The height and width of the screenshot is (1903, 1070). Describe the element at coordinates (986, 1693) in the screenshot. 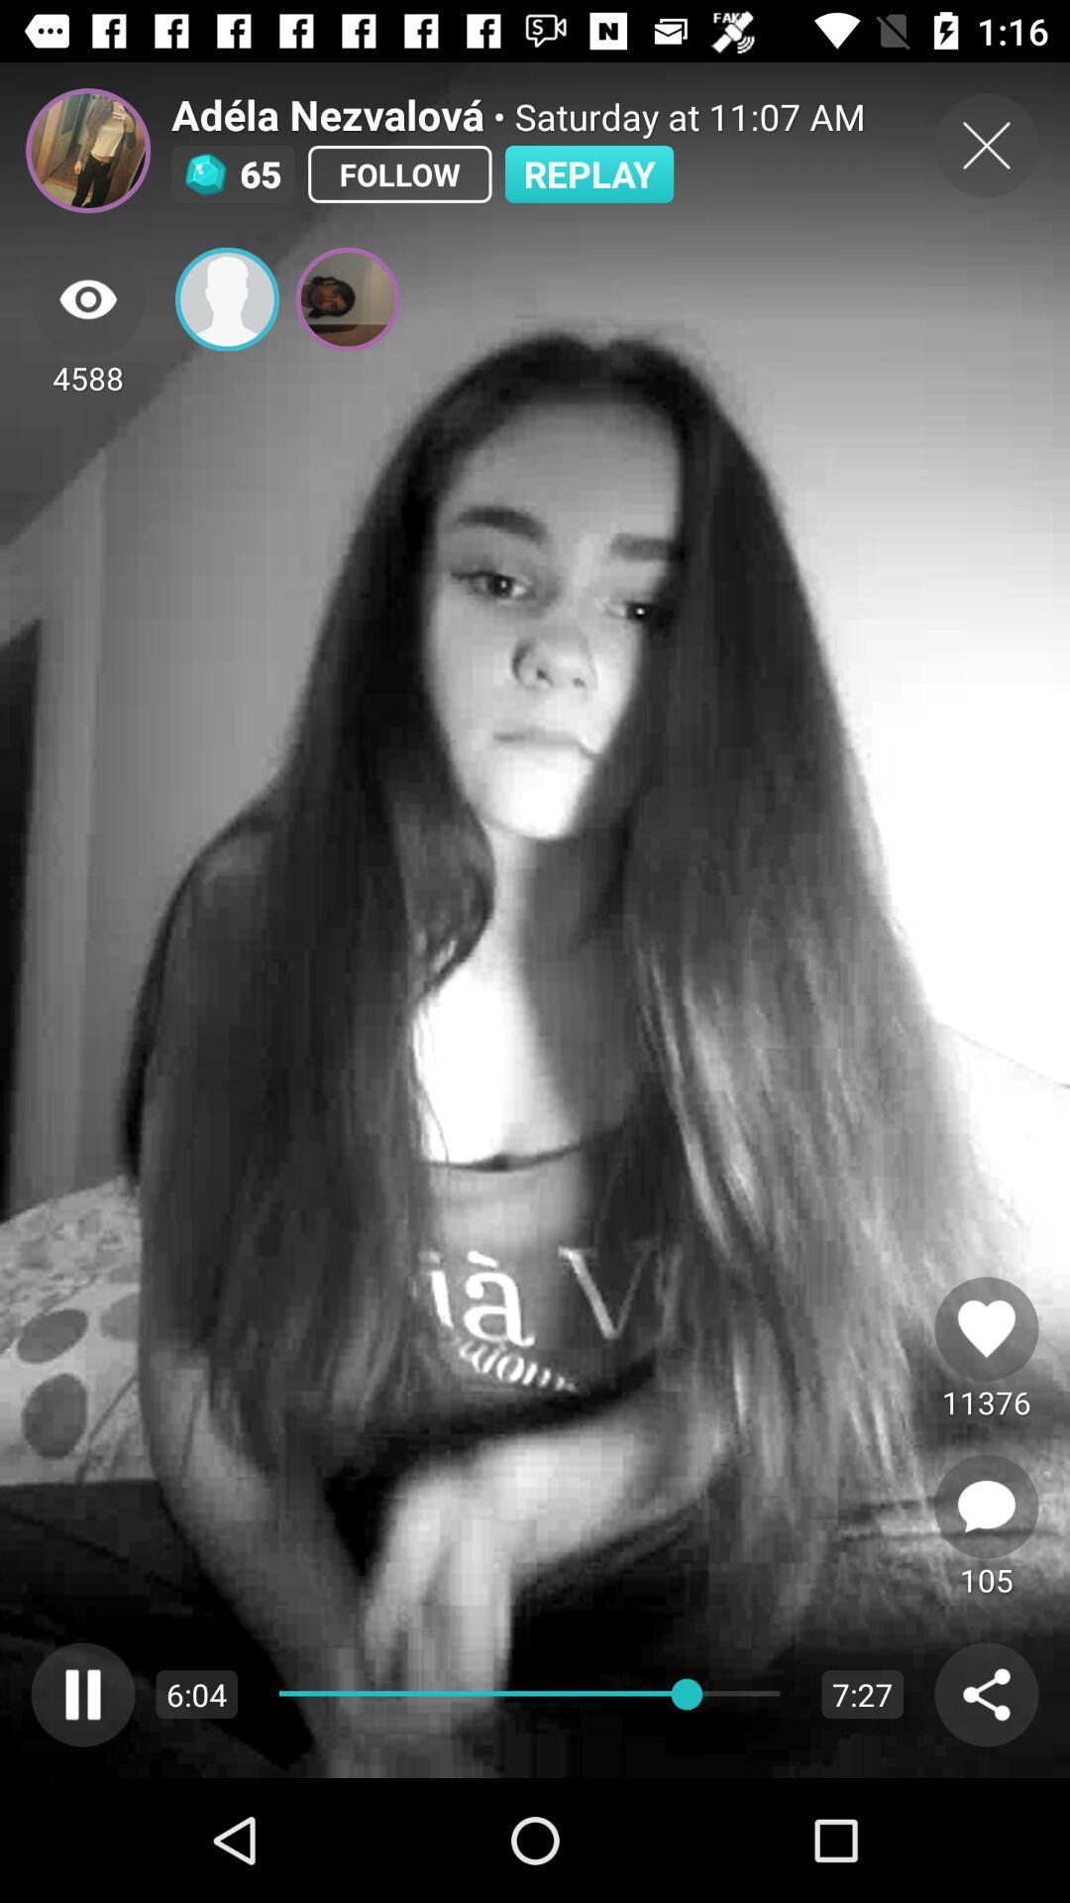

I see `share` at that location.